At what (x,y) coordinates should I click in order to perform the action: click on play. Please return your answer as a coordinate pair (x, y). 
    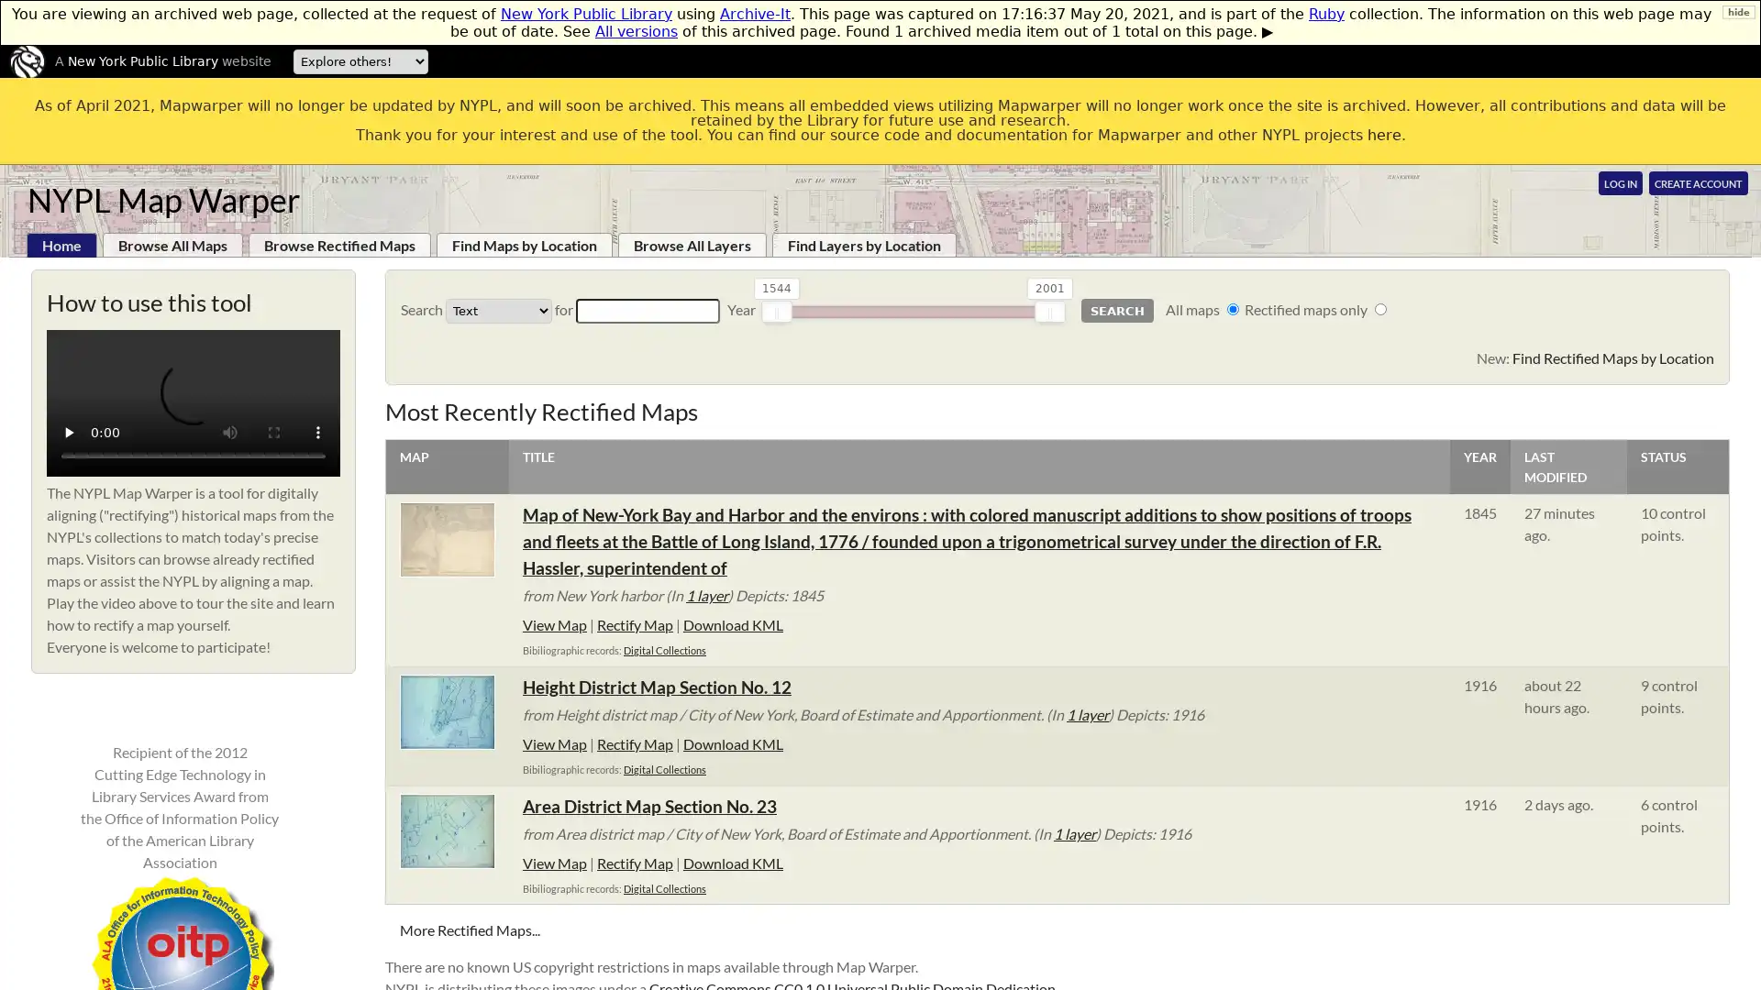
    Looking at the image, I should click on (69, 432).